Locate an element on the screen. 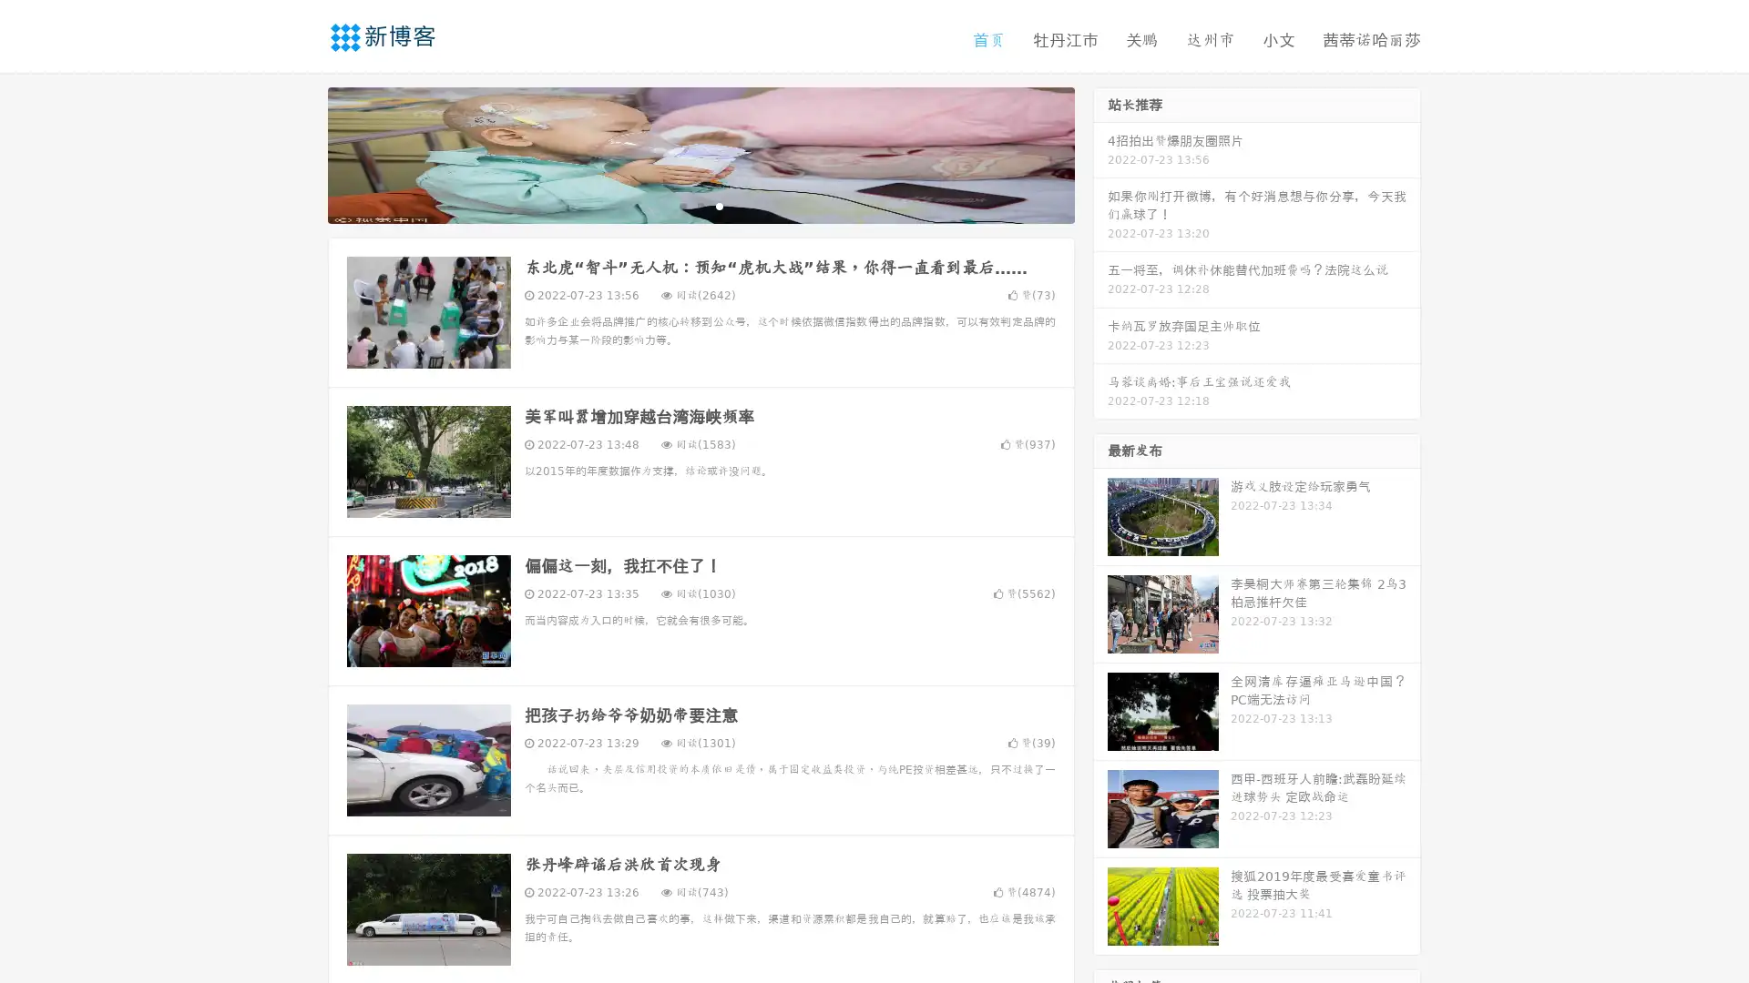 Image resolution: width=1749 pixels, height=983 pixels. Go to slide 1 is located at coordinates (681, 205).